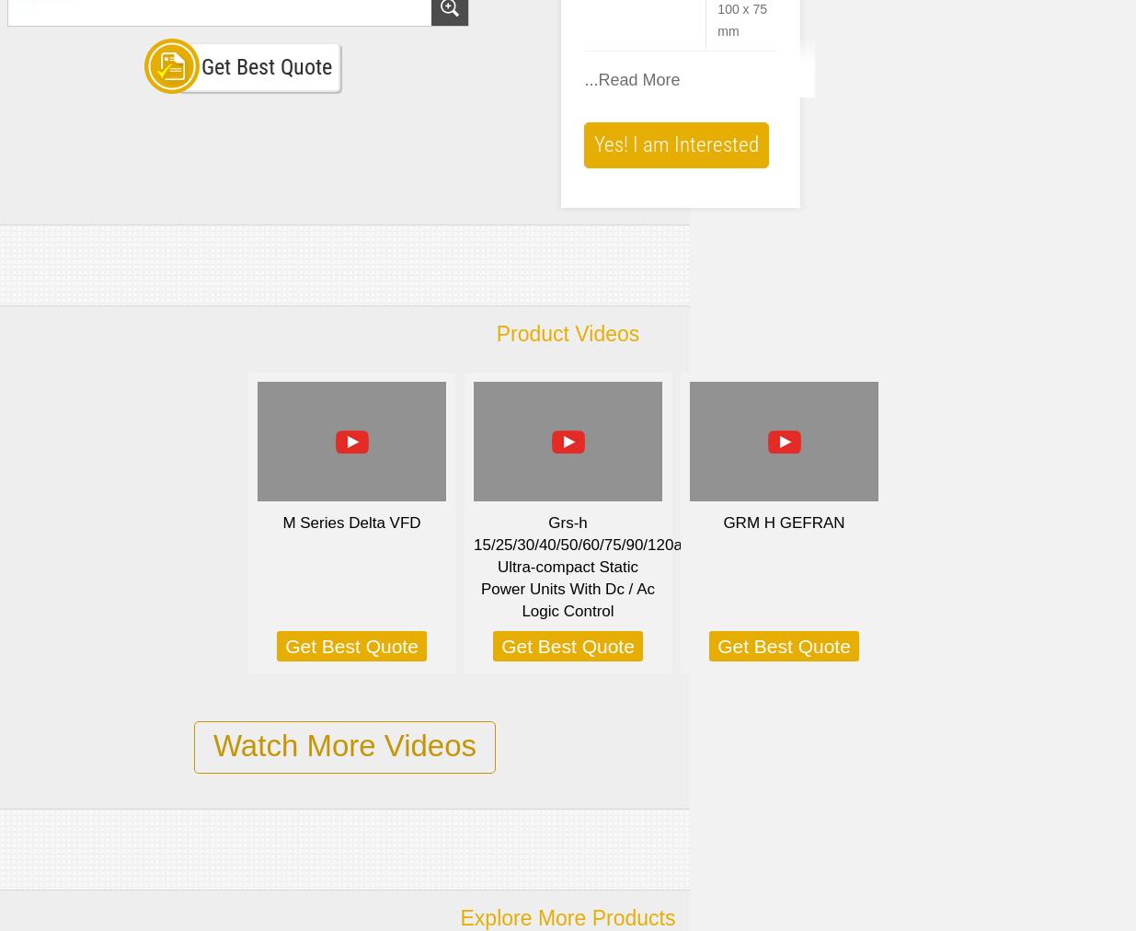  I want to click on 'M Series Delta VFD', so click(350, 522).